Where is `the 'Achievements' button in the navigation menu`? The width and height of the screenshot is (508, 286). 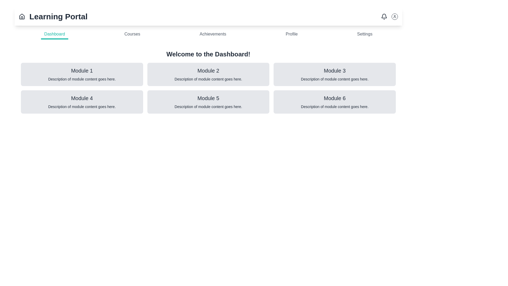 the 'Achievements' button in the navigation menu is located at coordinates (213, 35).